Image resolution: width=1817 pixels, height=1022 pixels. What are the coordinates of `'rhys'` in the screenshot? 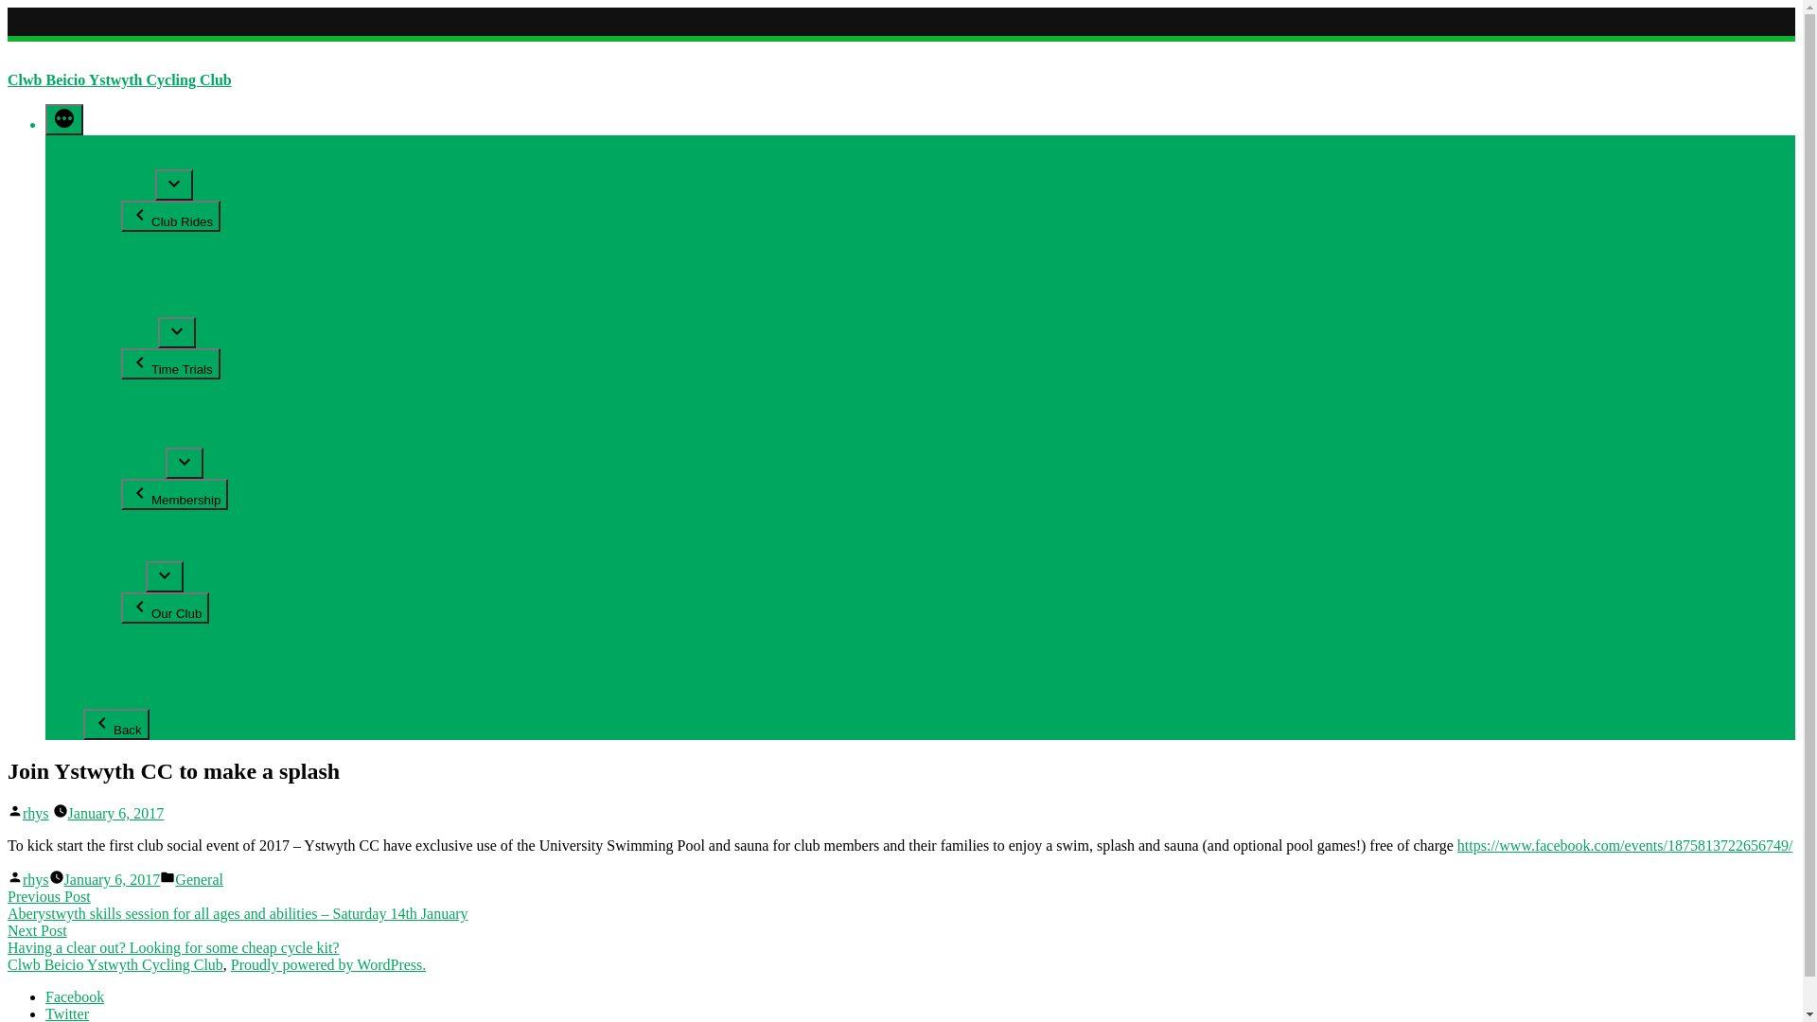 It's located at (36, 879).